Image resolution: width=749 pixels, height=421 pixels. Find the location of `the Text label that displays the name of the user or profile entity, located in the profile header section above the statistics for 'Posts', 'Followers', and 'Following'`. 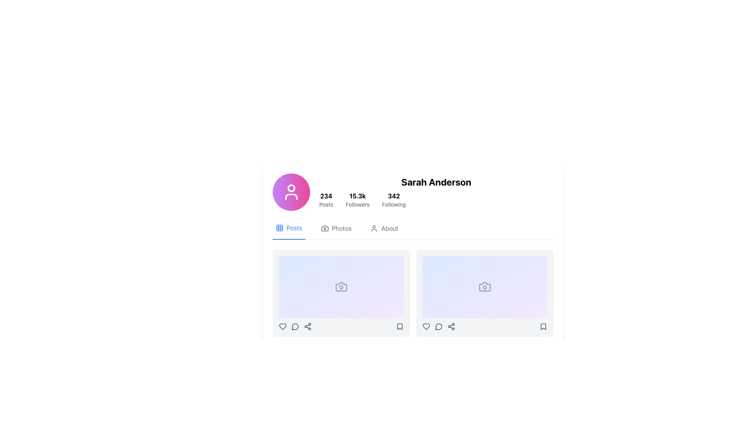

the Text label that displays the name of the user or profile entity, located in the profile header section above the statistics for 'Posts', 'Followers', and 'Following' is located at coordinates (436, 182).